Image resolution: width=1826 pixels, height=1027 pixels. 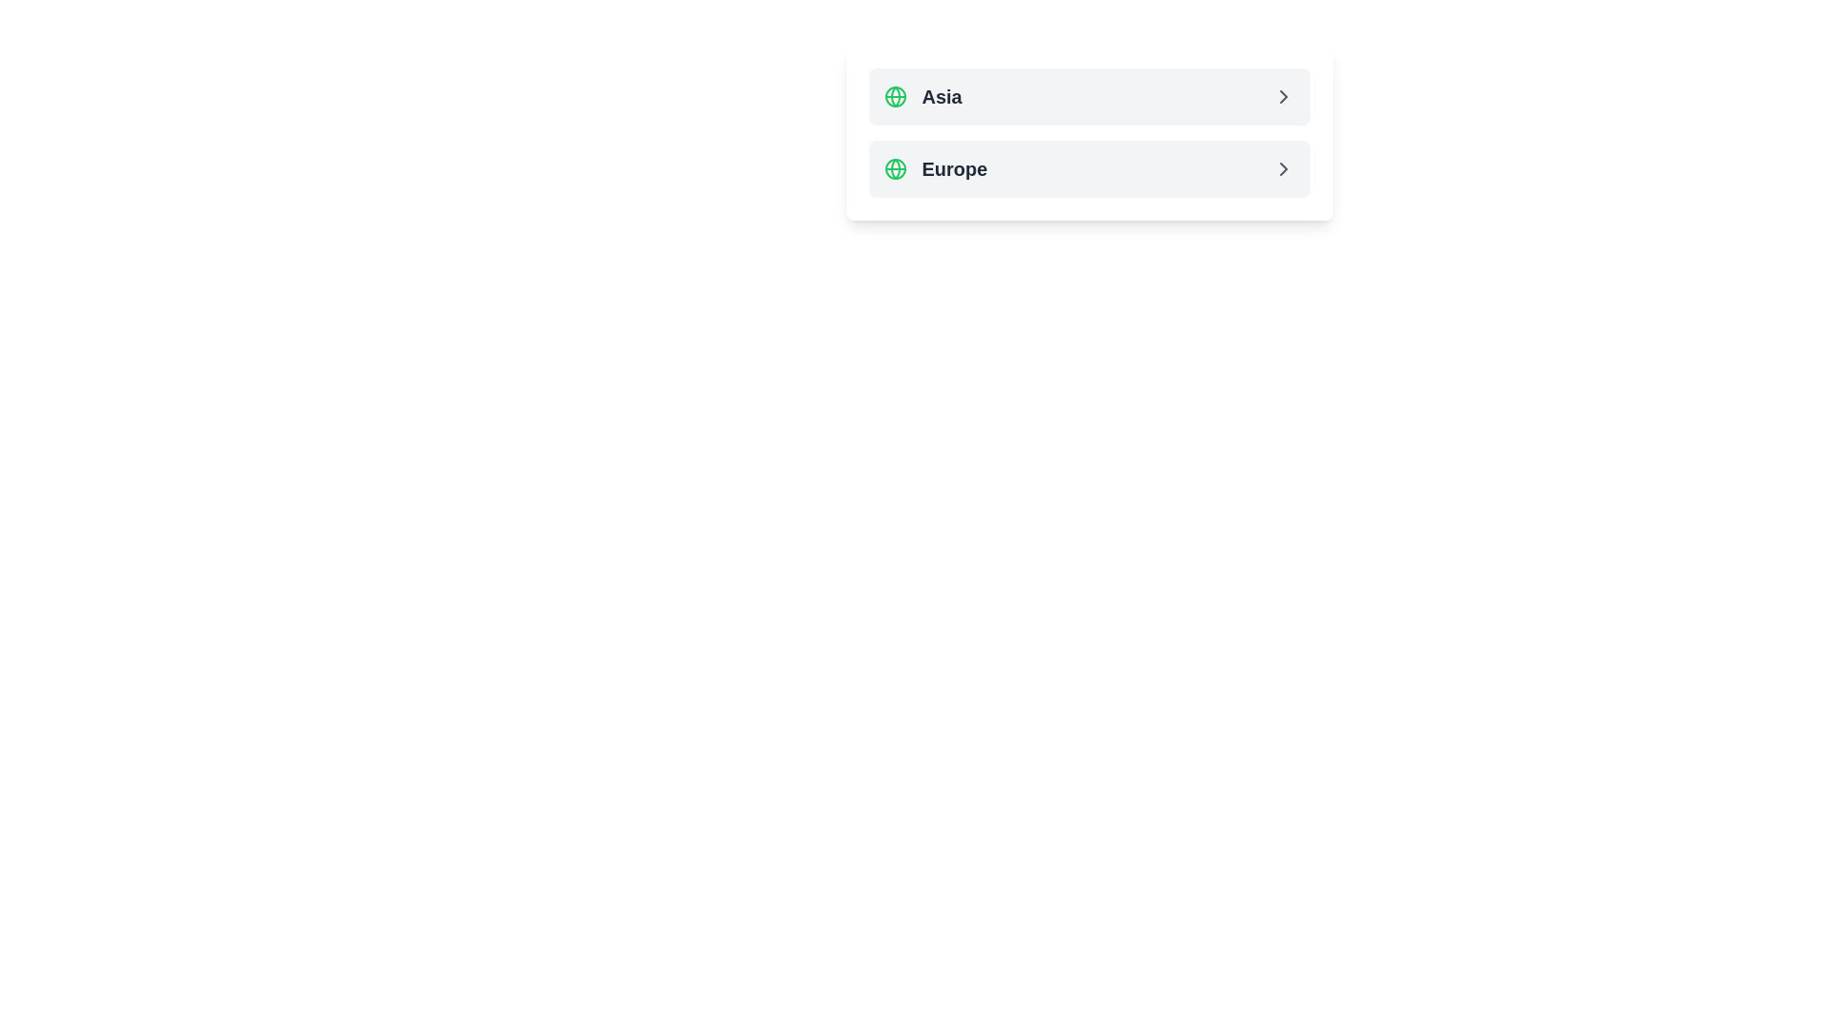 I want to click on the chevron-shaped arrow icon located on the right side of the 'Asia' list item in the menu, so click(x=1283, y=96).